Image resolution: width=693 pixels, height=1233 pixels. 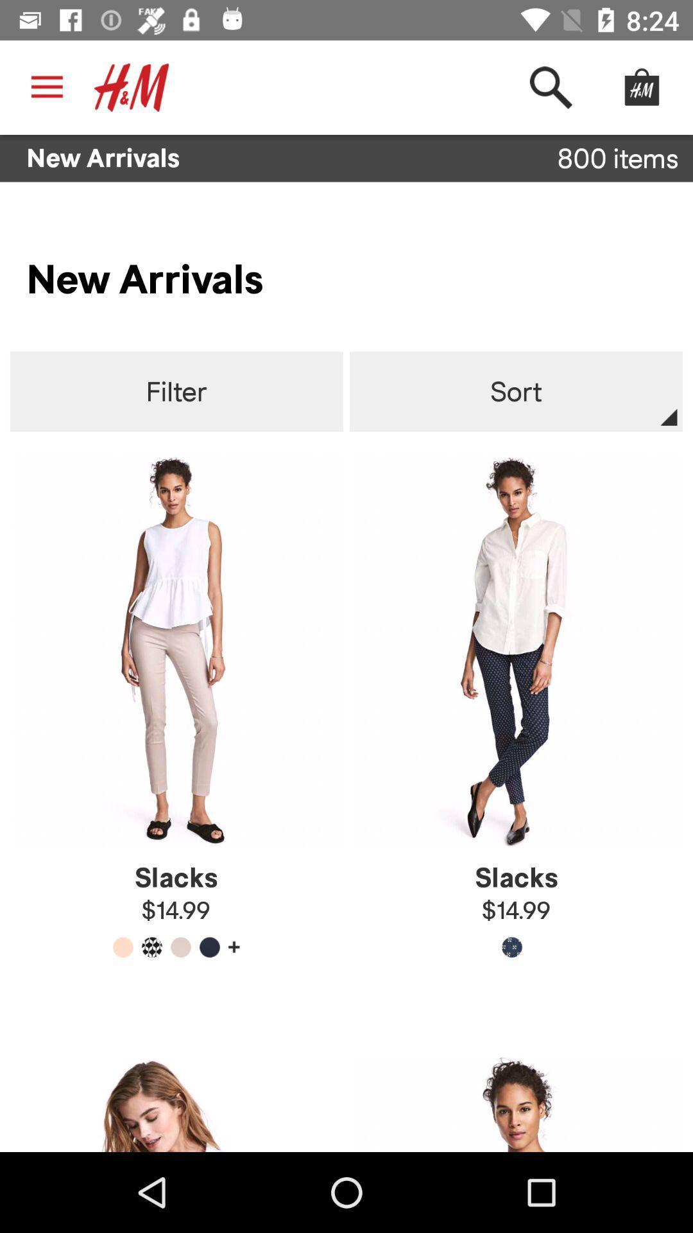 What do you see at coordinates (132, 87) in the screenshot?
I see `the hm icon at top left corner` at bounding box center [132, 87].